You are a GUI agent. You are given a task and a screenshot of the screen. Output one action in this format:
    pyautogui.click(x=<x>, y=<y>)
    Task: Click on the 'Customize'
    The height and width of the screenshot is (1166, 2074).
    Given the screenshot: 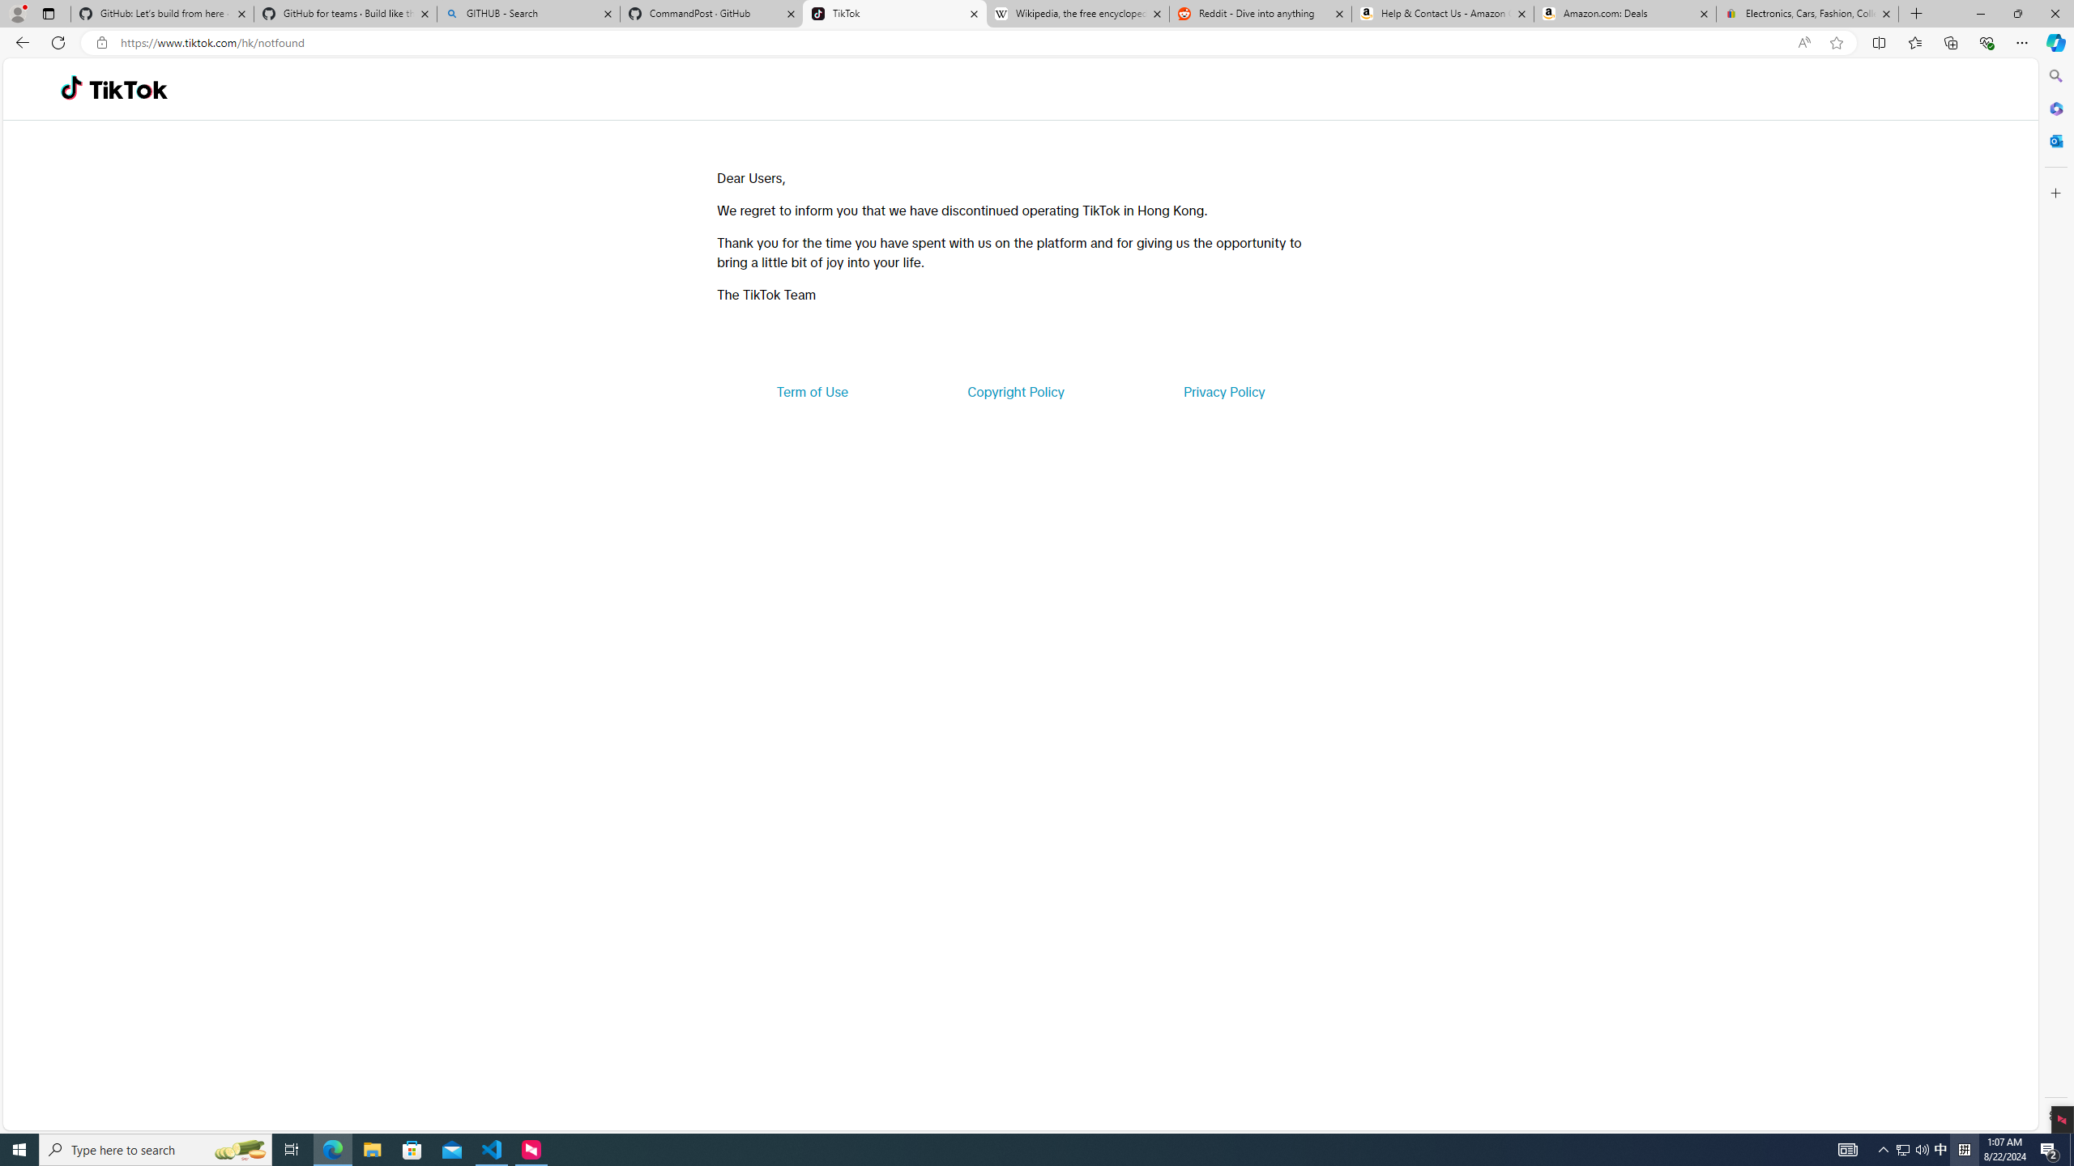 What is the action you would take?
    pyautogui.click(x=2054, y=192)
    